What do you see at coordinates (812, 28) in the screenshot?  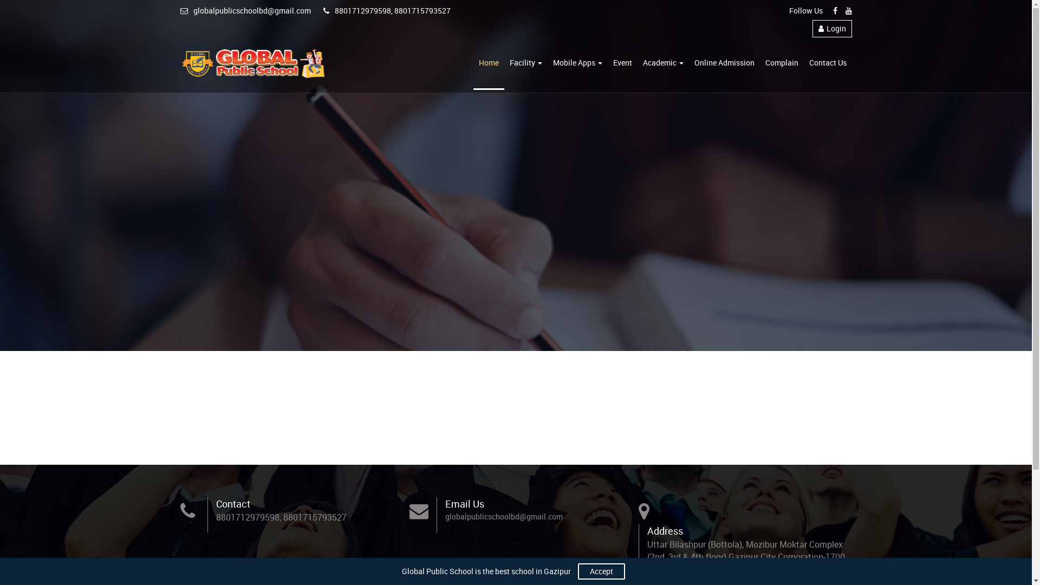 I see `'Login'` at bounding box center [812, 28].